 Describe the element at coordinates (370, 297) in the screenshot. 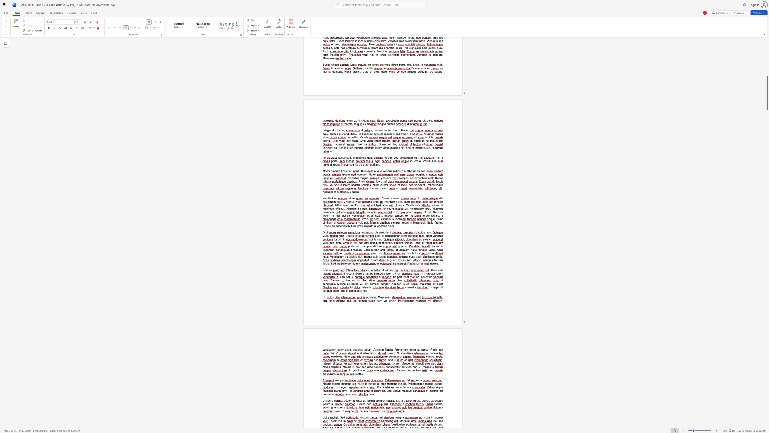

I see `the 1th character "v" in the text` at that location.